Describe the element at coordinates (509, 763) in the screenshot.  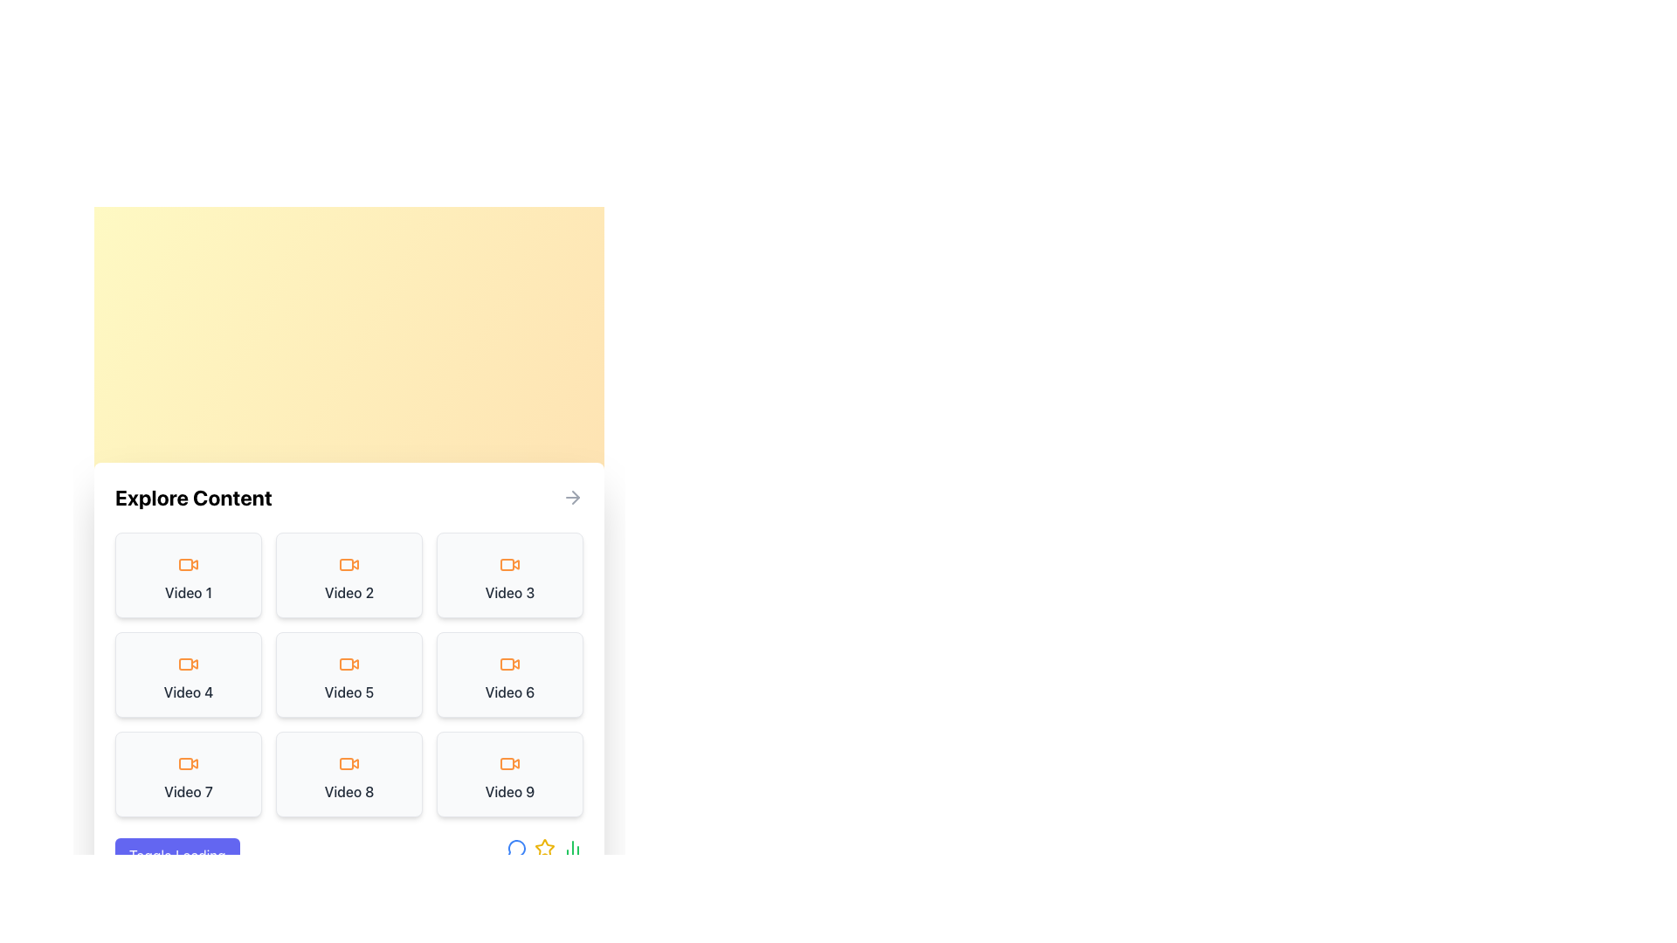
I see `the visual characteristics of the video camera icon associated with the 'Video 9' label located in the bottom right section of a 3x3 grid layout` at that location.